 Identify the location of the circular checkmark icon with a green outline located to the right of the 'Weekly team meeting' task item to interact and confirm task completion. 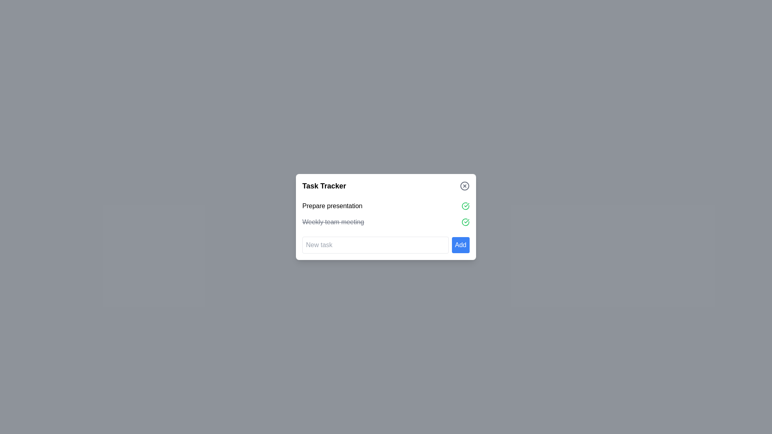
(465, 206).